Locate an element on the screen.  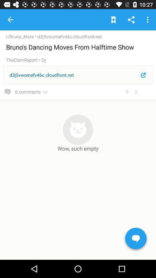
the item below bruno s dancing item is located at coordinates (23, 60).